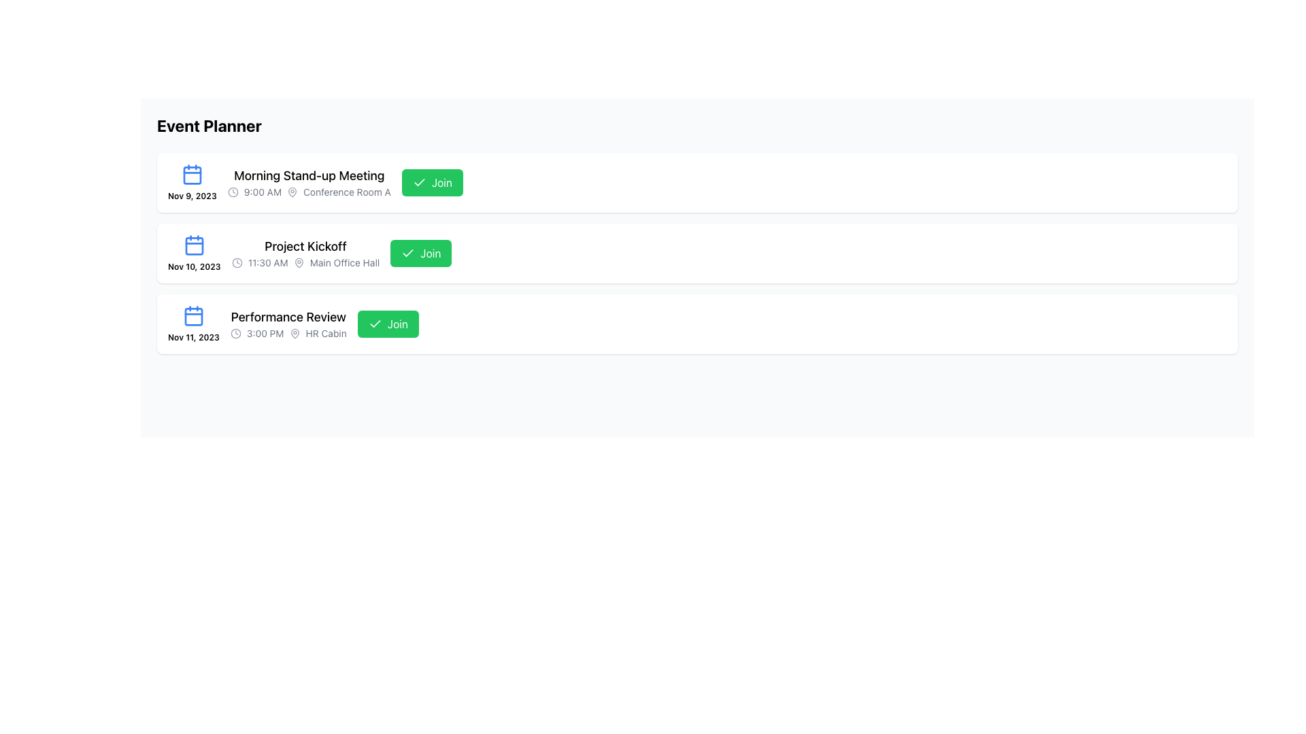 This screenshot has width=1306, height=734. I want to click on the circular stroke of the clock icon next to the 'Project Kickoff' event details, so click(237, 262).